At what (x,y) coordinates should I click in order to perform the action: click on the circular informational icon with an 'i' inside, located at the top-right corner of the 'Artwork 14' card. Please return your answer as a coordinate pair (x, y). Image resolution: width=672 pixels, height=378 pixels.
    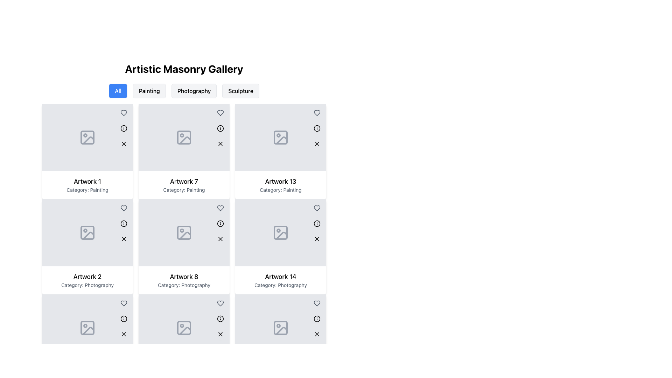
    Looking at the image, I should click on (317, 318).